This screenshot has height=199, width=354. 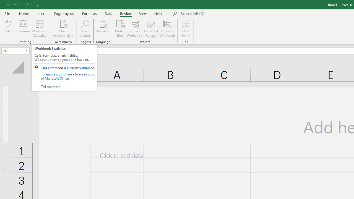 I want to click on 'Workbook Statistics', so click(x=39, y=28).